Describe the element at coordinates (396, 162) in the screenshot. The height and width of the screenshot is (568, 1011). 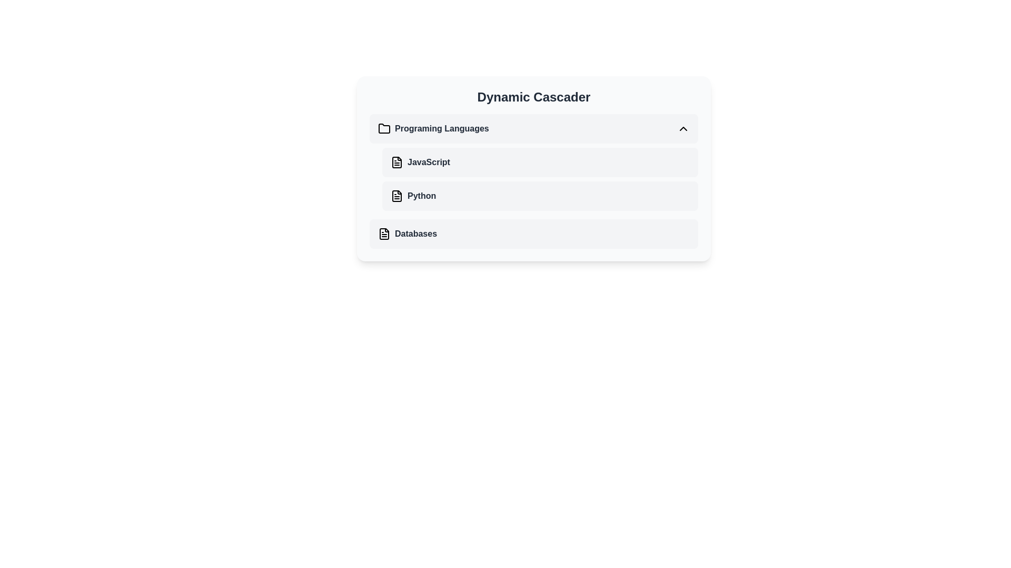
I see `the document icon, which is a black and white rectangular representation with a fold at the top corner, located to the left of the 'JavaScript' label` at that location.